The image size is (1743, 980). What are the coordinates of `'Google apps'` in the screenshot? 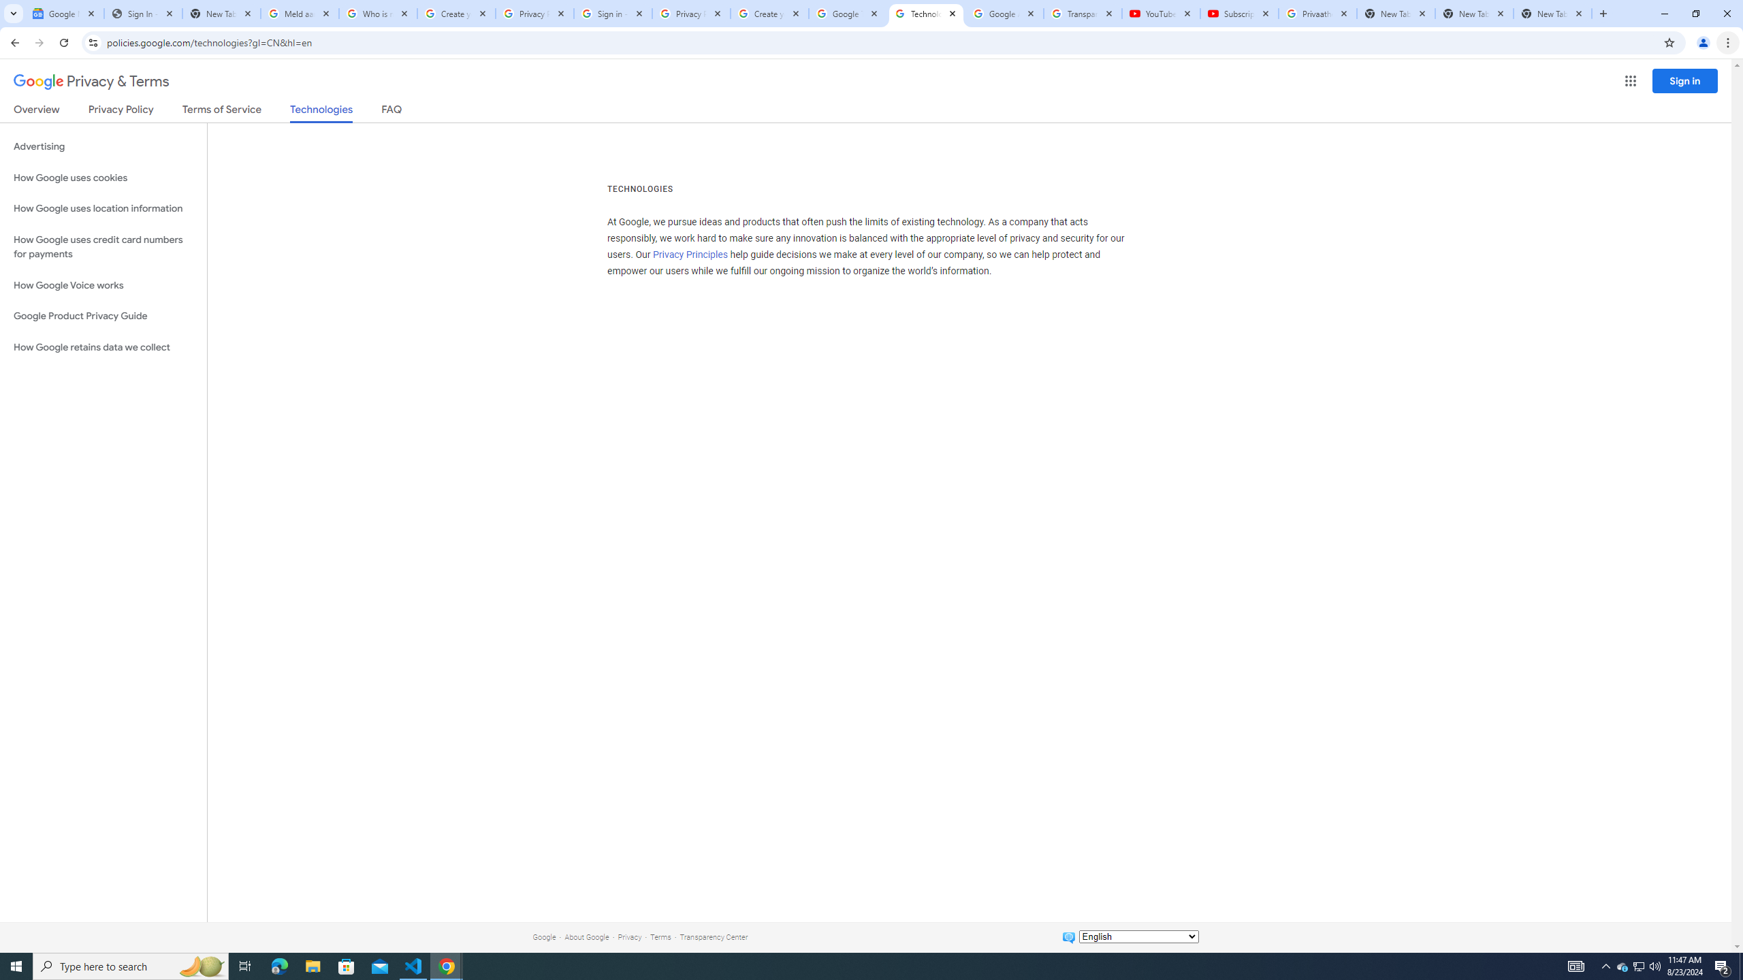 It's located at (1629, 80).